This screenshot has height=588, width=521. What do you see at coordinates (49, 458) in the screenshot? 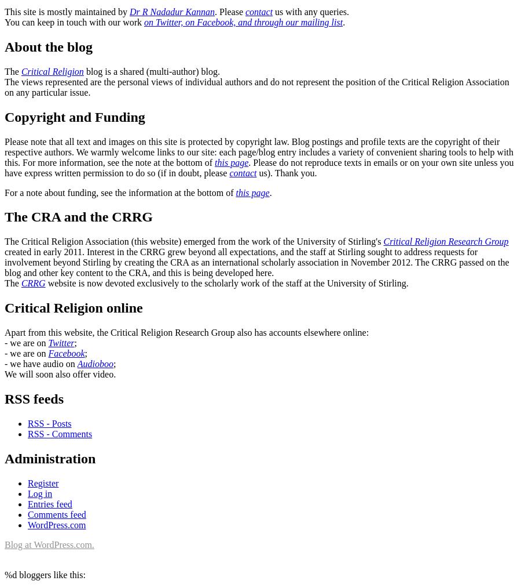
I see `'Administration'` at bounding box center [49, 458].